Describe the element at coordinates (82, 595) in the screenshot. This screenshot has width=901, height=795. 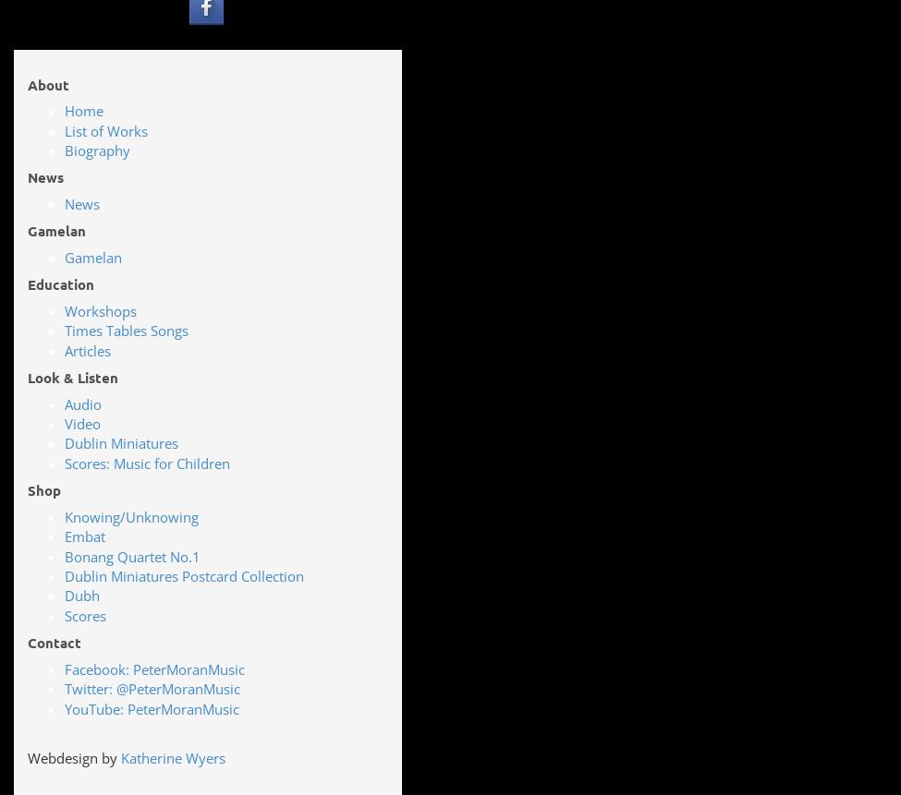
I see `'Dubh'` at that location.